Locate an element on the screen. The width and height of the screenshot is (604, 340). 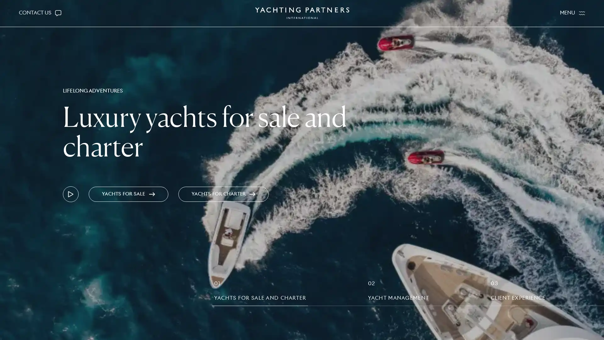
03 CLIENT EXPERIENCE is located at coordinates (518, 292).